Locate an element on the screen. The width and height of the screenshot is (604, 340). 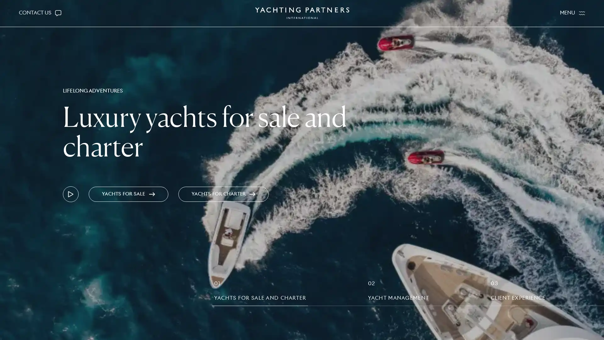
03 CLIENT EXPERIENCE is located at coordinates (518, 292).